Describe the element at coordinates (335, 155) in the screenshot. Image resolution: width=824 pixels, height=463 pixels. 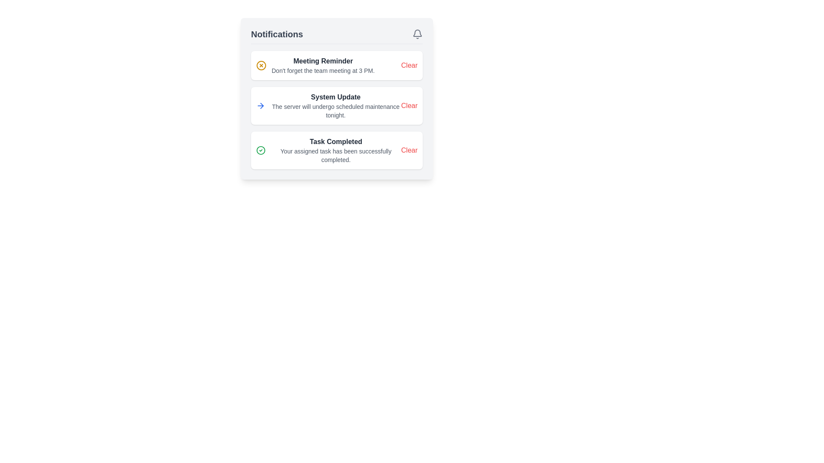
I see `the static text that conveys information about task completion, located below the bold 'Task Completed' text in the 'Notifications' section` at that location.